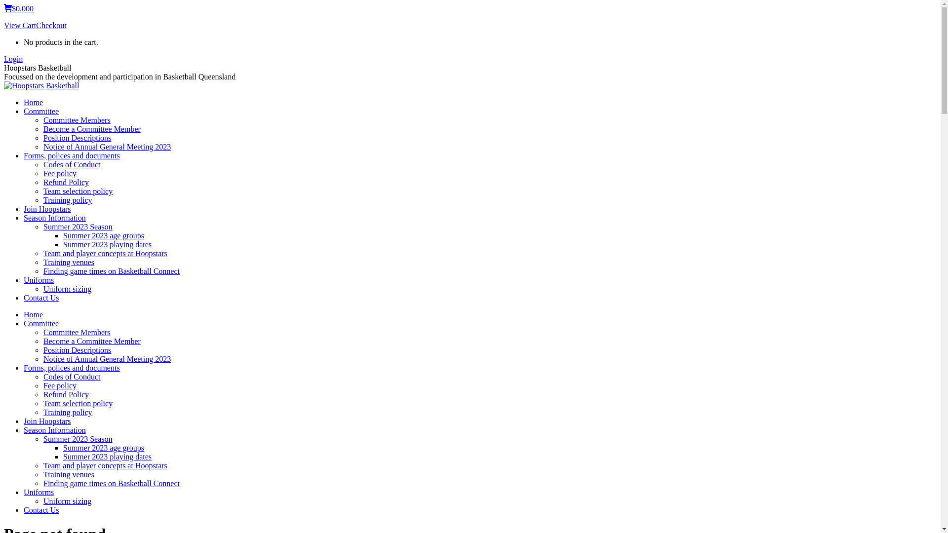 Image resolution: width=948 pixels, height=533 pixels. What do you see at coordinates (78, 438) in the screenshot?
I see `'Summer 2023 Season'` at bounding box center [78, 438].